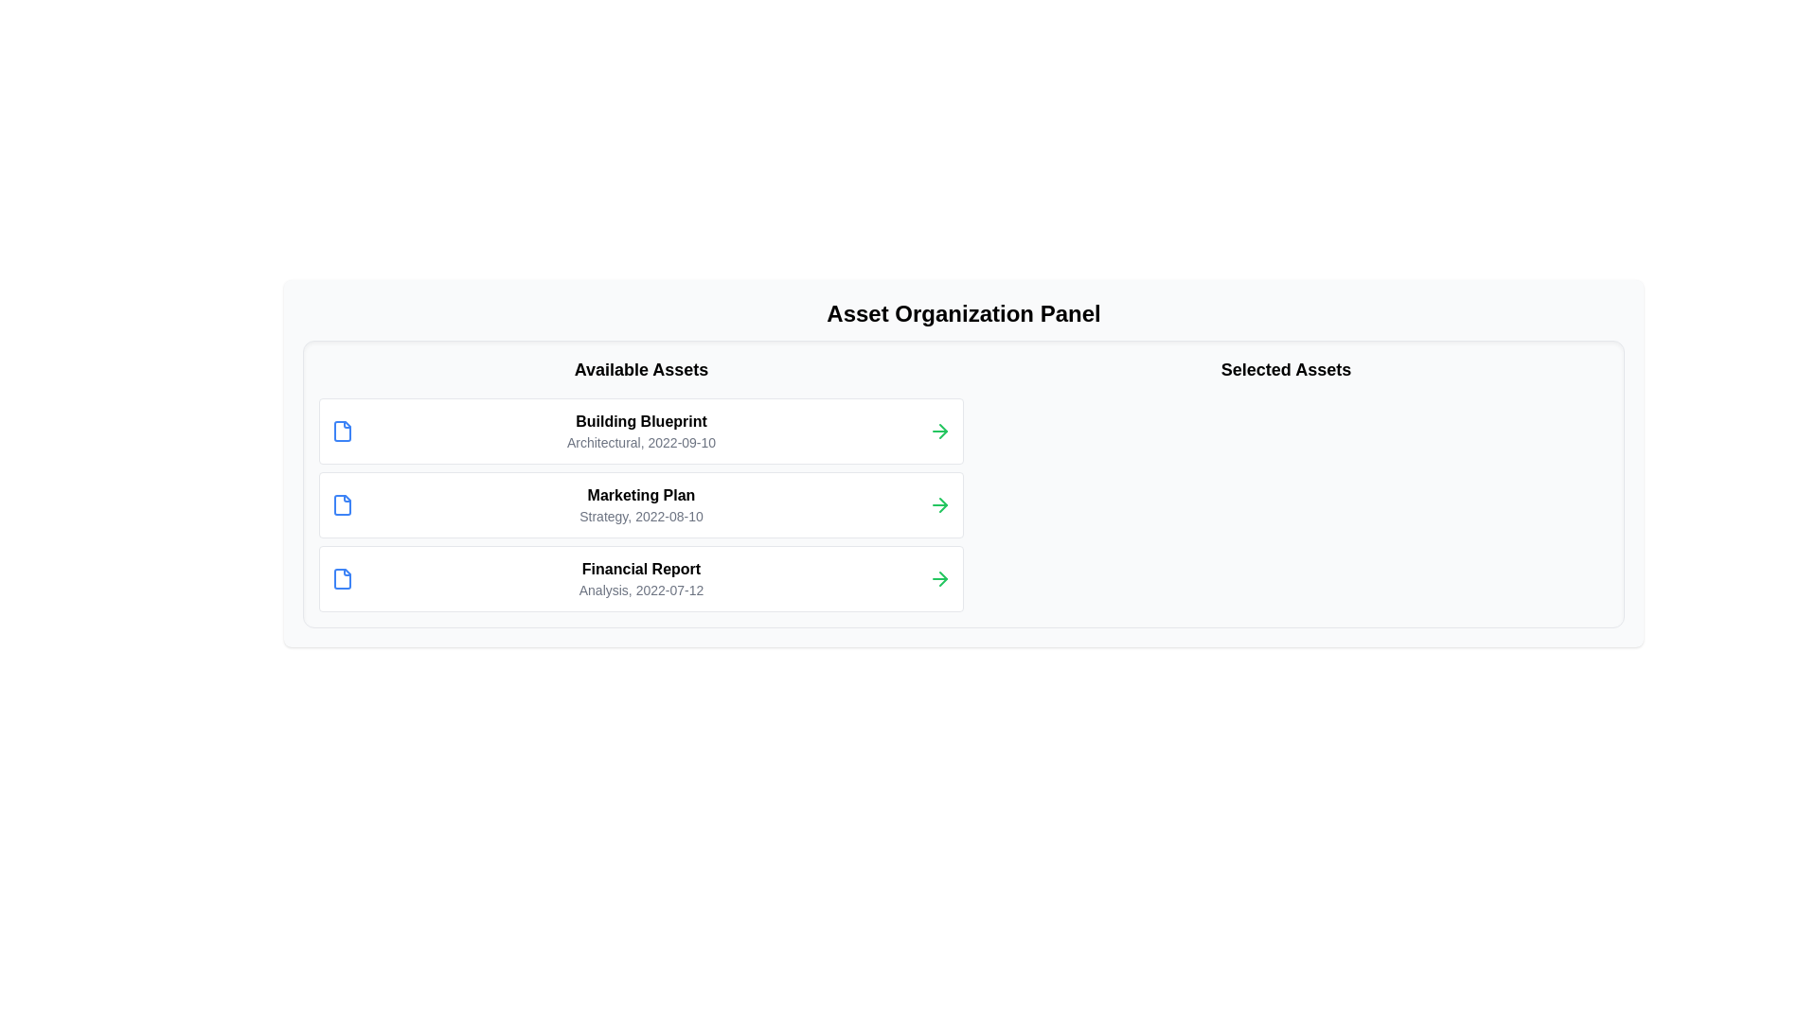  What do you see at coordinates (940, 578) in the screenshot?
I see `the clickable arrow button located at the far-right of the 'Financial Report' entry in the 'Available Assets' panel` at bounding box center [940, 578].